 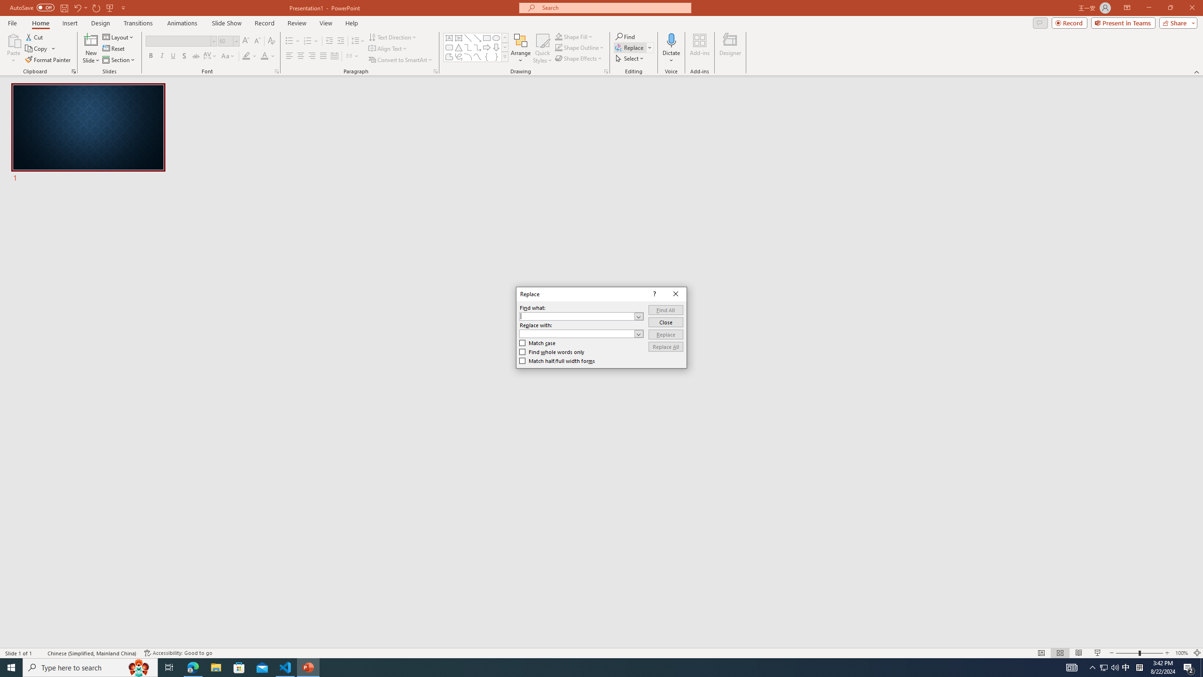 I want to click on 'Find...', so click(x=625, y=36).